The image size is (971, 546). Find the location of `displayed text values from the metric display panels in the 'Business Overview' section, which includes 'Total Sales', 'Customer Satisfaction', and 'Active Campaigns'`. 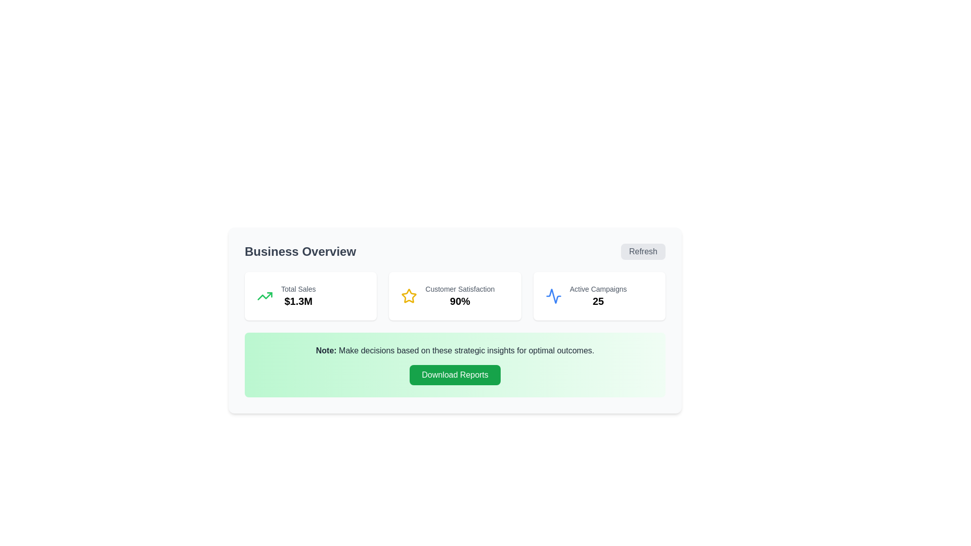

displayed text values from the metric display panels in the 'Business Overview' section, which includes 'Total Sales', 'Customer Satisfaction', and 'Active Campaigns' is located at coordinates (455, 296).